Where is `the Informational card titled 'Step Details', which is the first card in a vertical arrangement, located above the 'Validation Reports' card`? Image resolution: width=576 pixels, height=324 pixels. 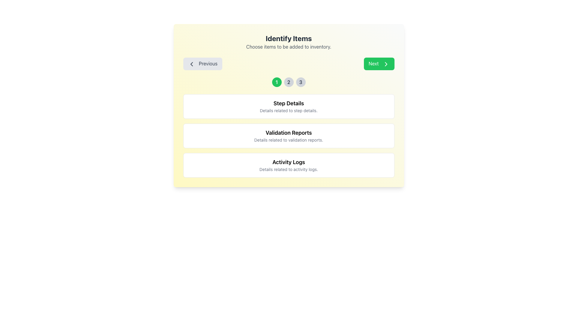 the Informational card titled 'Step Details', which is the first card in a vertical arrangement, located above the 'Validation Reports' card is located at coordinates (289, 106).